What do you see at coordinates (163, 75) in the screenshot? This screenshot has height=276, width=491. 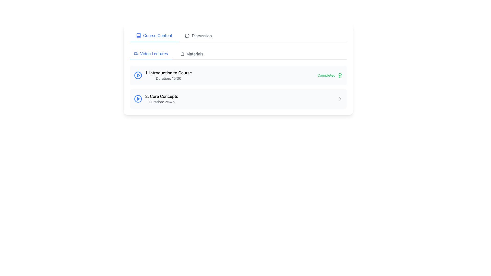 I see `duration information of the first item in the 'Video Lectures' section, which is a composite component containing a play icon, a title '1. Introduction to Course', and a subtitle with the duration 'Duration: 15:30'` at bounding box center [163, 75].